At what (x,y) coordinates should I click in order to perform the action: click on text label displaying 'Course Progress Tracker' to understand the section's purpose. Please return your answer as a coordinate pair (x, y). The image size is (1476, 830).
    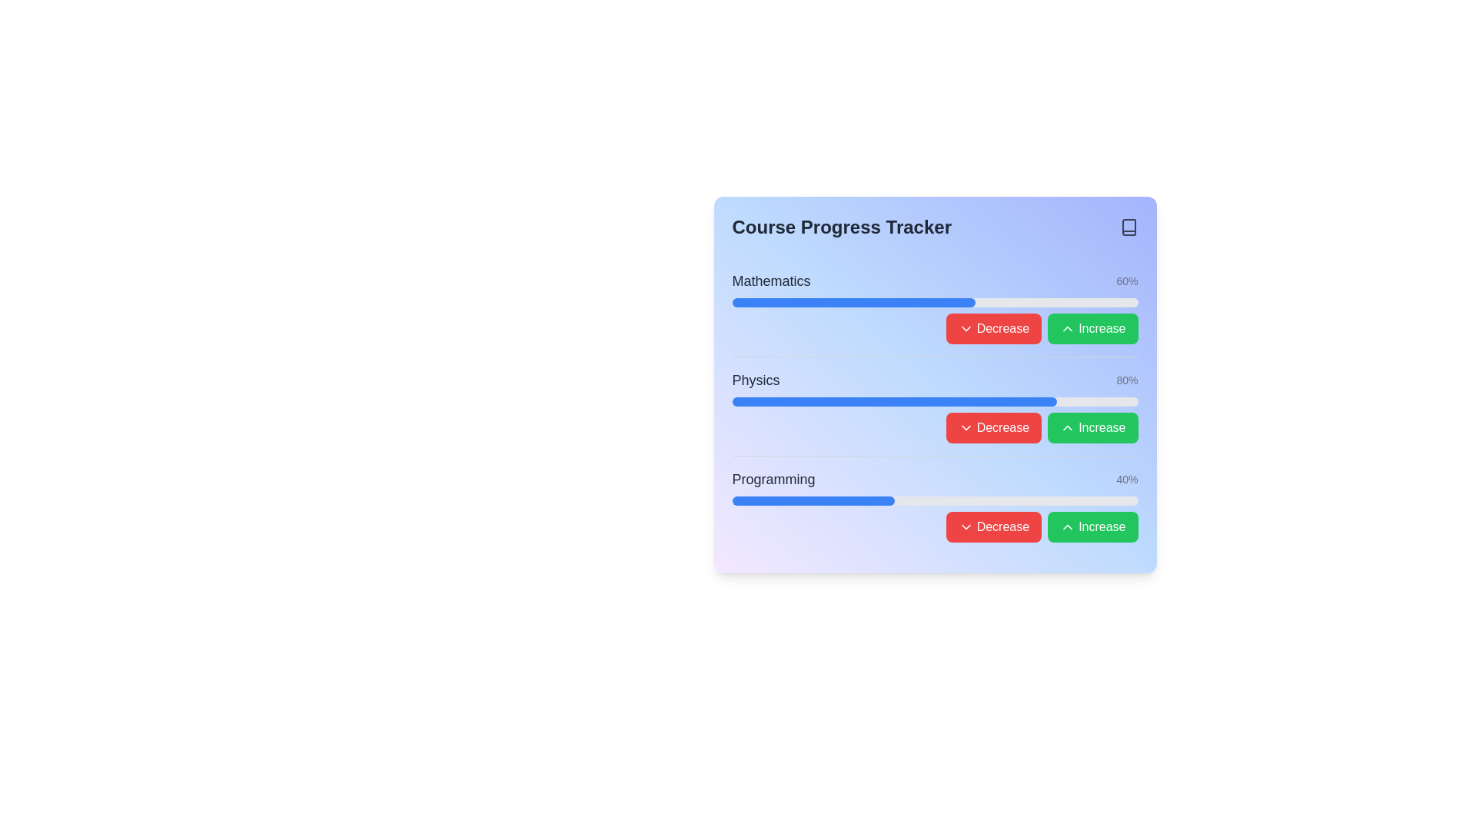
    Looking at the image, I should click on (841, 227).